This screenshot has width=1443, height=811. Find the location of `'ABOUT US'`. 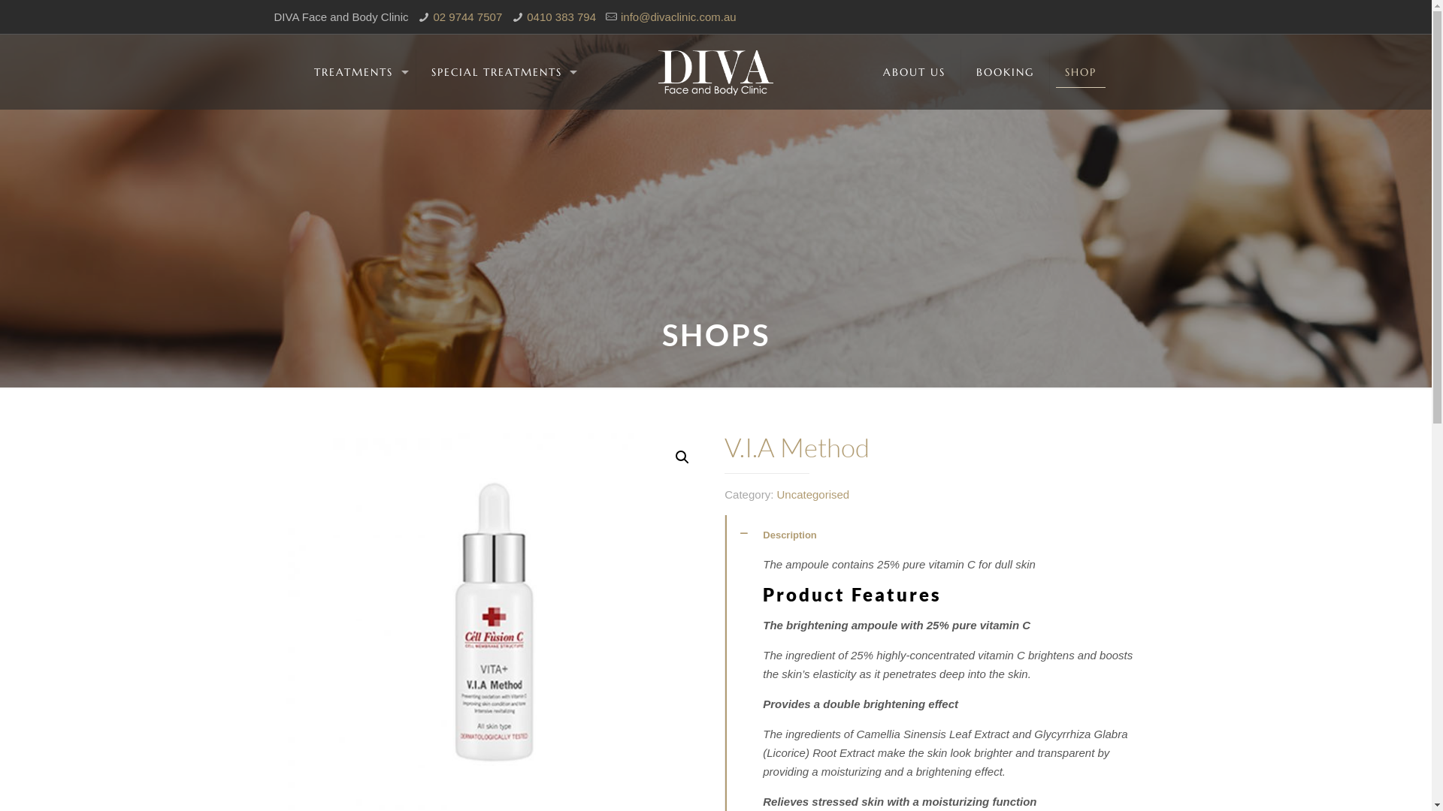

'ABOUT US' is located at coordinates (914, 72).